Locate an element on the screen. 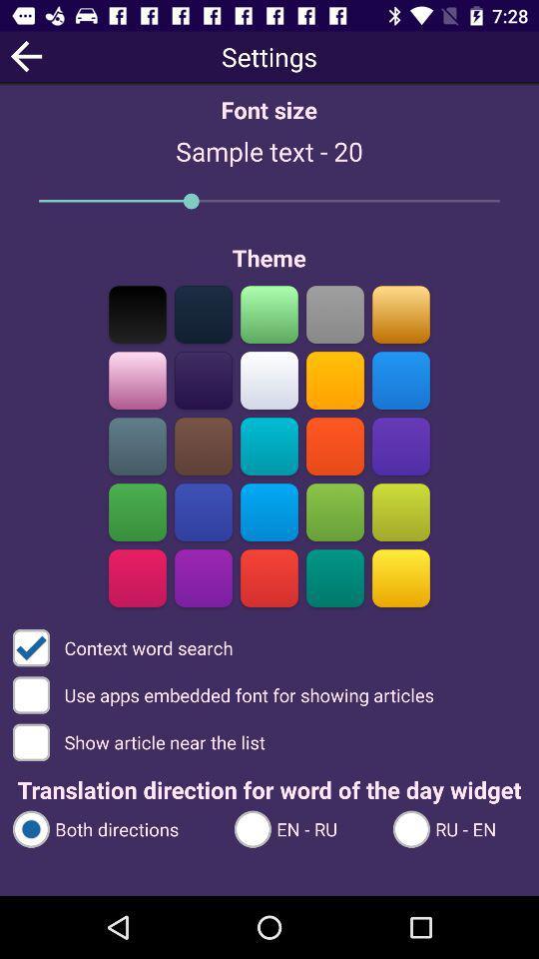  theme color as sky blue is located at coordinates (400, 380).